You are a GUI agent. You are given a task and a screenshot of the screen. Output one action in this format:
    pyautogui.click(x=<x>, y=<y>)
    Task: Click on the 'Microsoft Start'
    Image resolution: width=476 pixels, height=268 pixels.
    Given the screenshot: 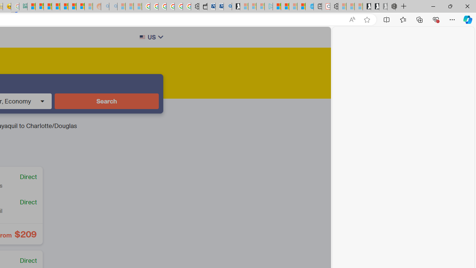 What is the action you would take?
    pyautogui.click(x=276, y=6)
    